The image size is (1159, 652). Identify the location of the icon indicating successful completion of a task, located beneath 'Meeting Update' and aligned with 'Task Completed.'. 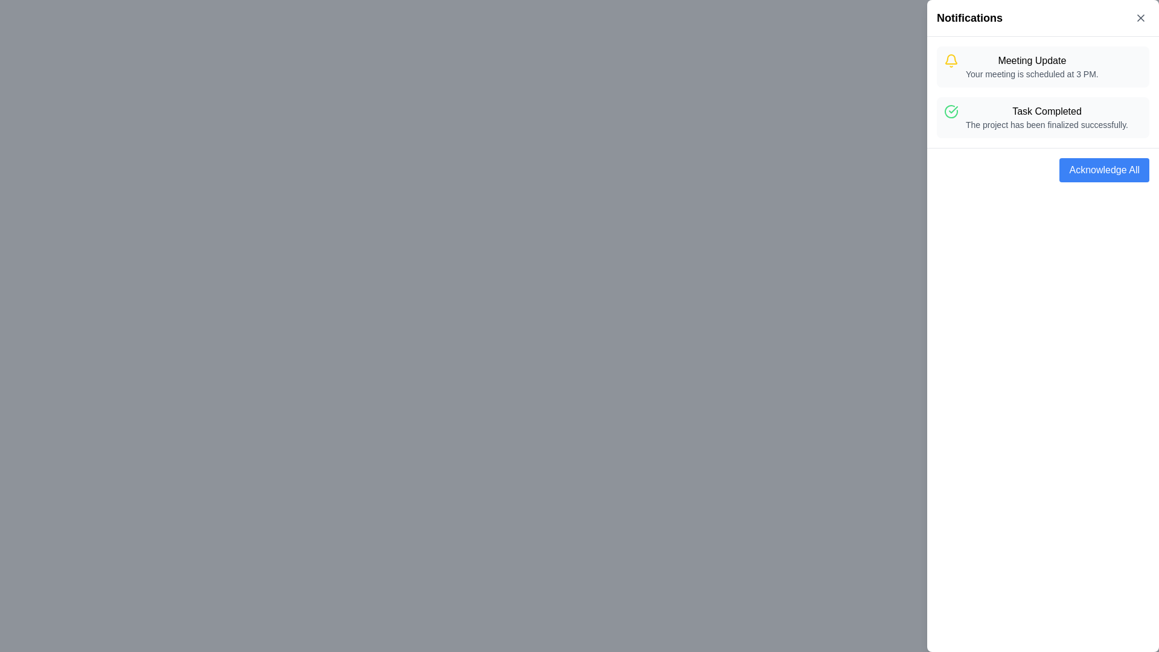
(950, 112).